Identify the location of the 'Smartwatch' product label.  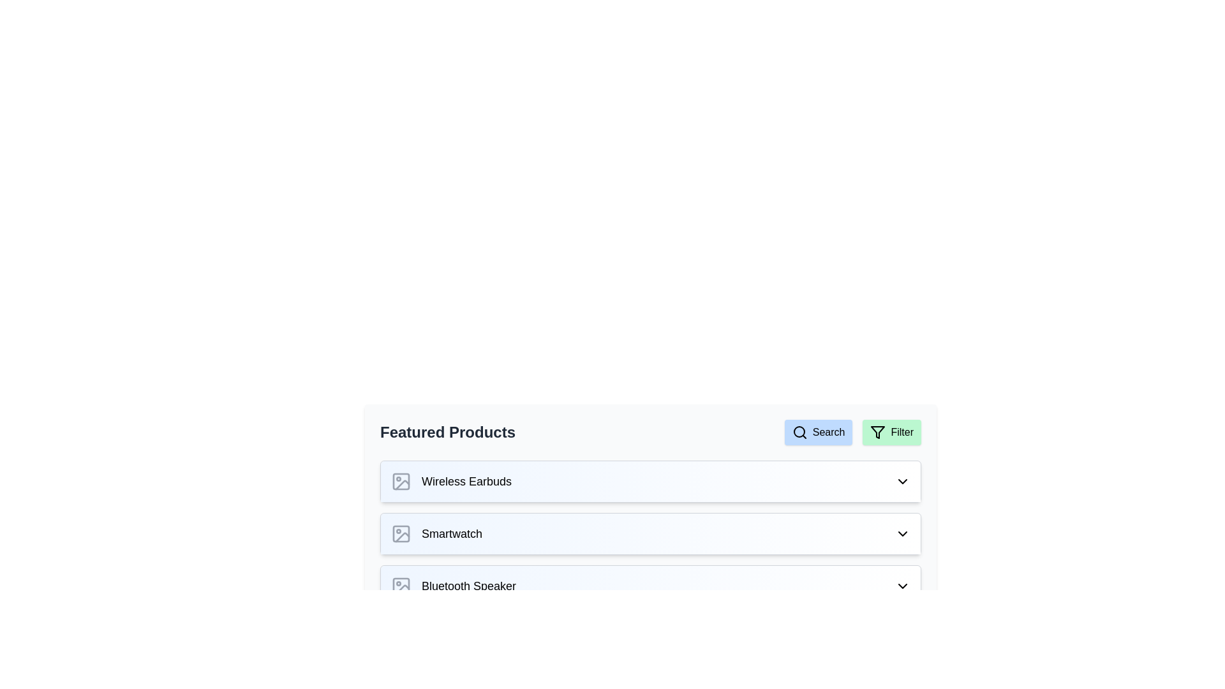
(436, 534).